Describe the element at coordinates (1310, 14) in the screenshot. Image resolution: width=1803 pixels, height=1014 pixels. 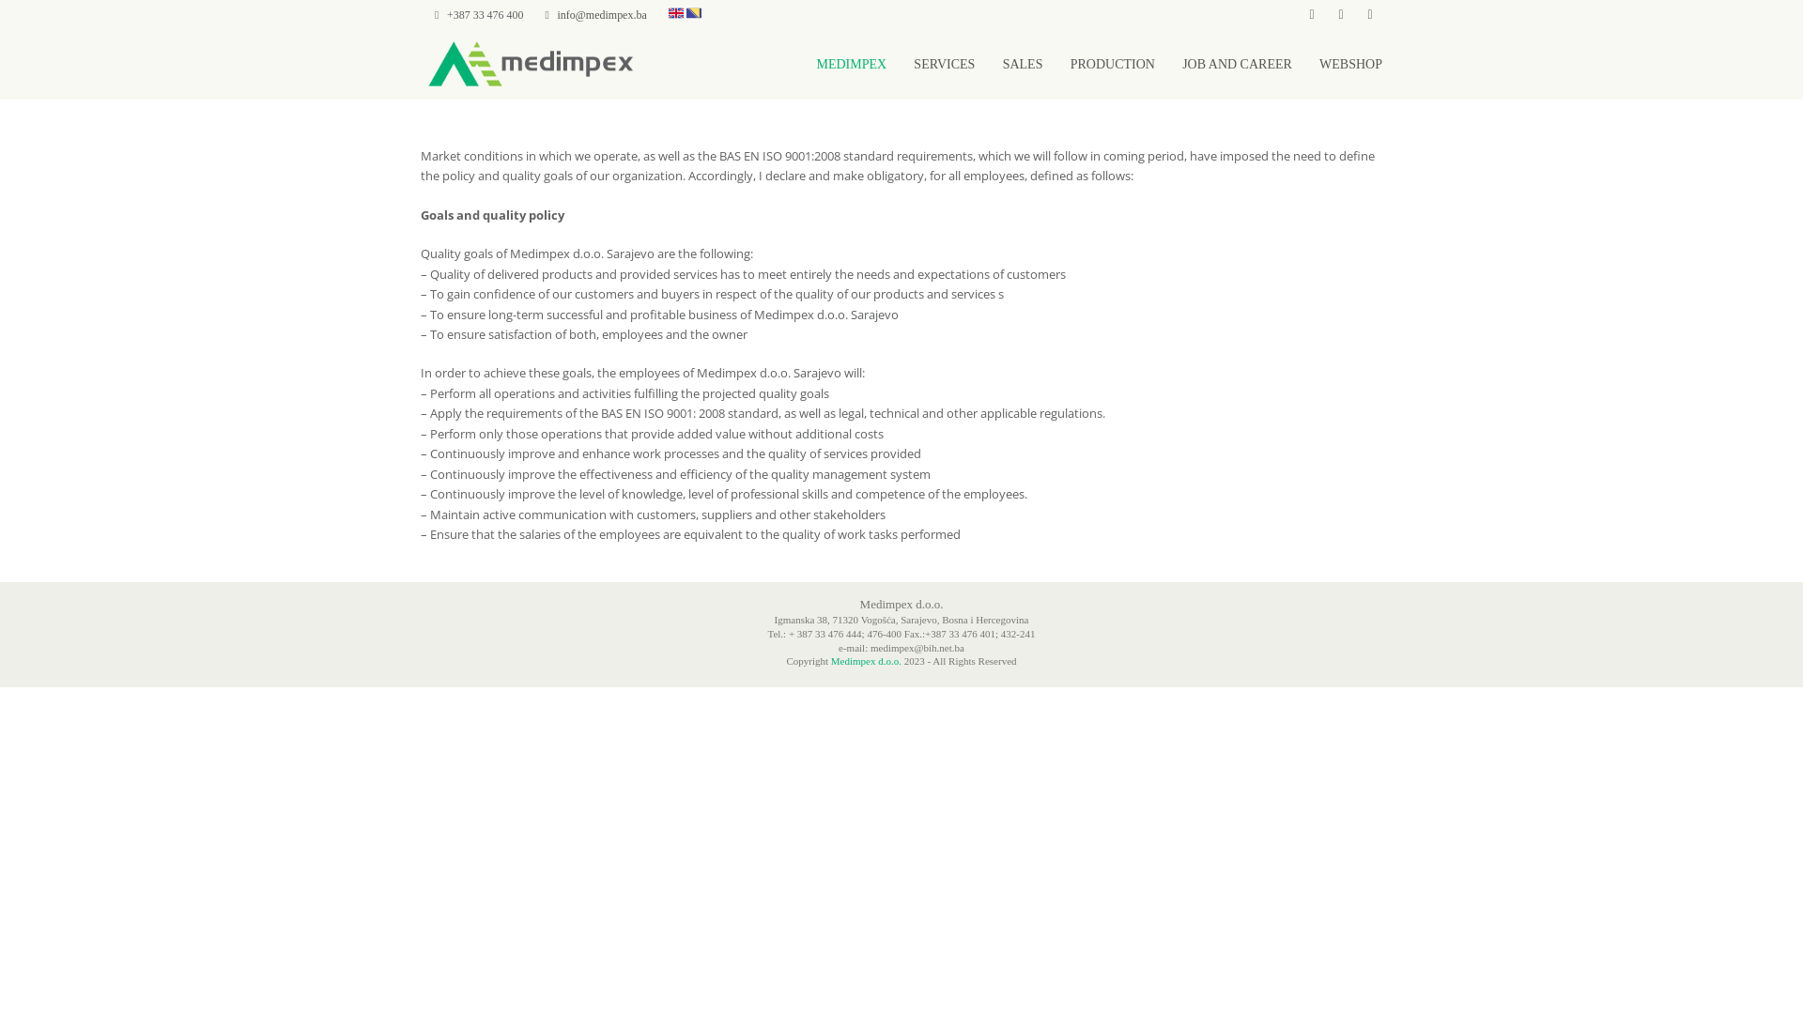
I see `'Facebook'` at that location.